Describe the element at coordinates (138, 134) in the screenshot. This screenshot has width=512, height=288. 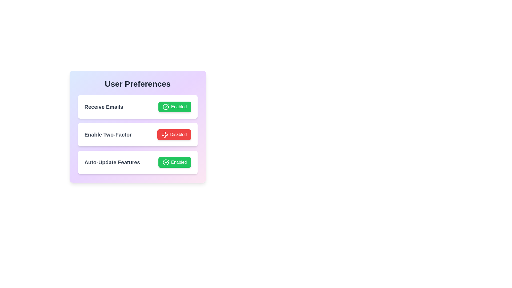
I see `the preference item Enable Two-Factor to observe its hover effect` at that location.